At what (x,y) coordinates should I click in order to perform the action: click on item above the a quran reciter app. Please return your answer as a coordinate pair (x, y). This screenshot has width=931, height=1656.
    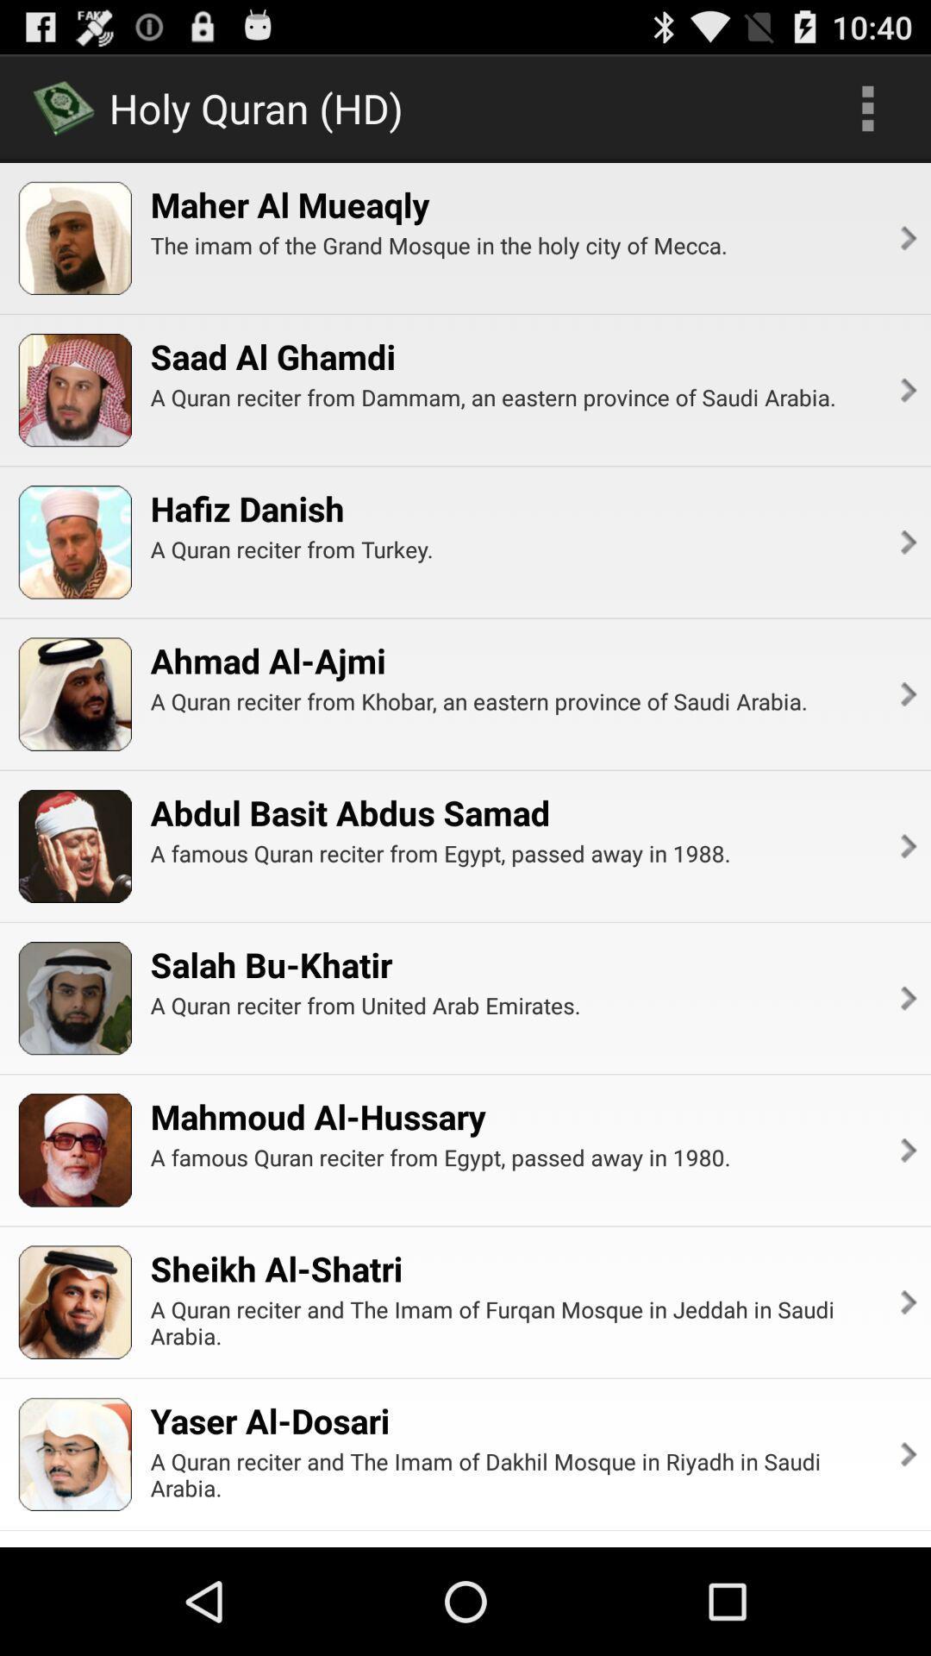
    Looking at the image, I should click on (268, 660).